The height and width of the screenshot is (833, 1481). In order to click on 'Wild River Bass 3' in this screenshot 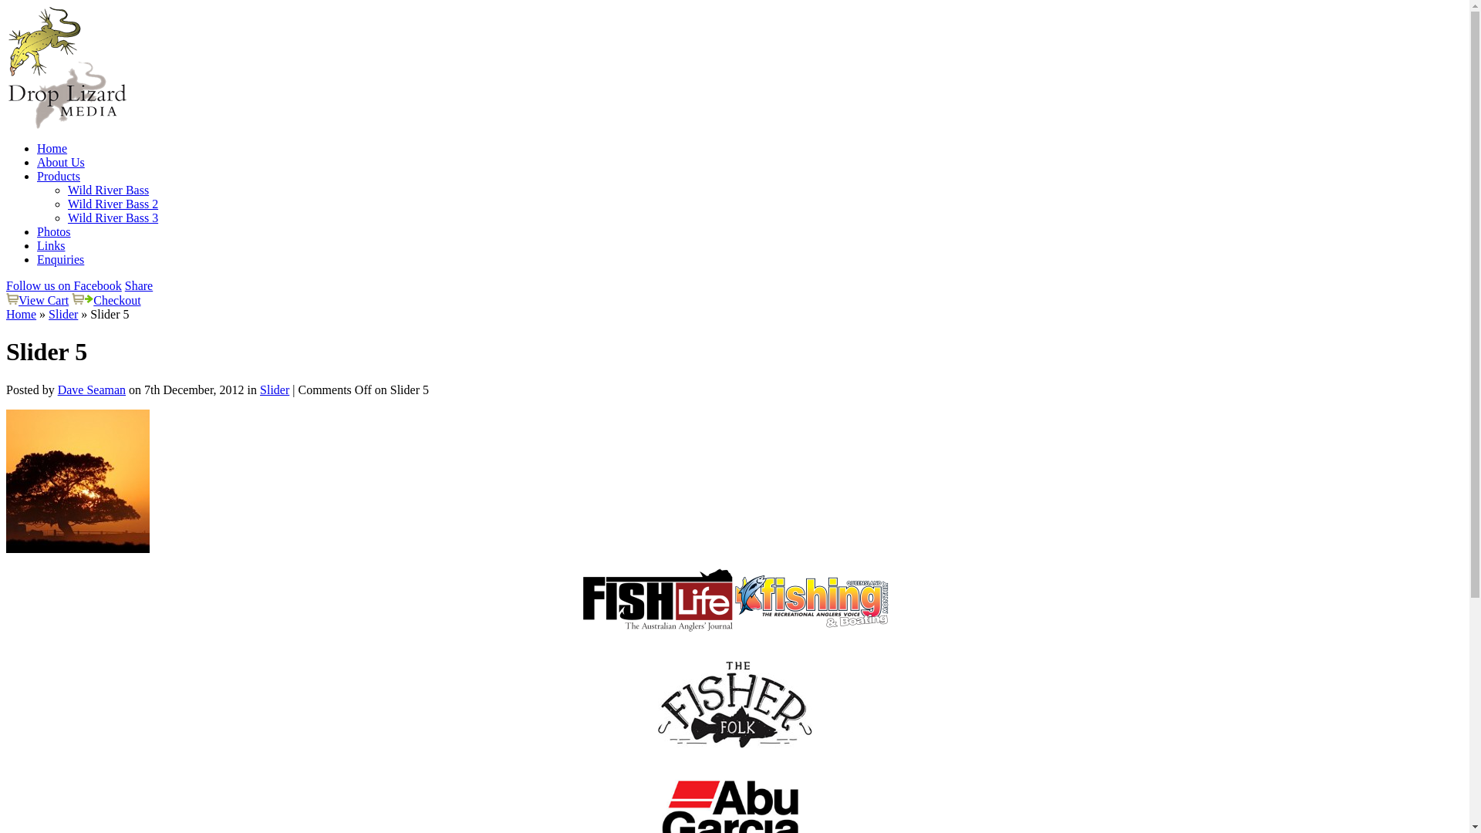, I will do `click(66, 218)`.